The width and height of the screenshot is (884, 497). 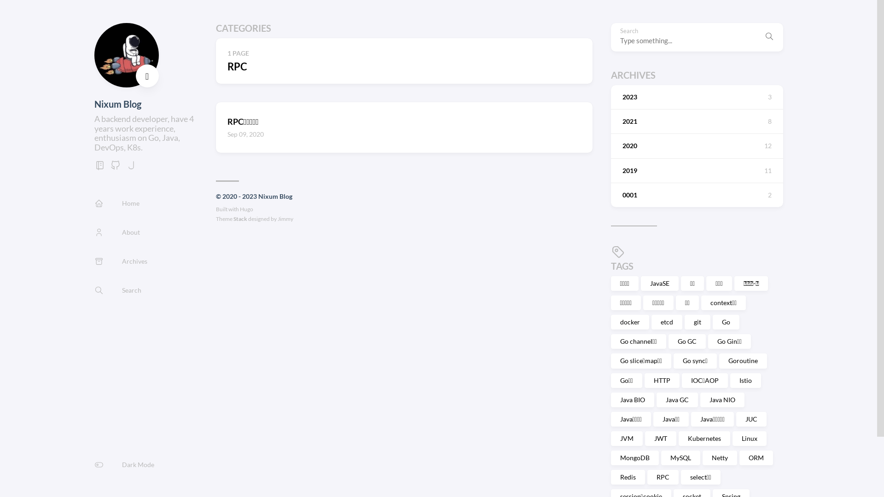 What do you see at coordinates (627, 477) in the screenshot?
I see `'Redis'` at bounding box center [627, 477].